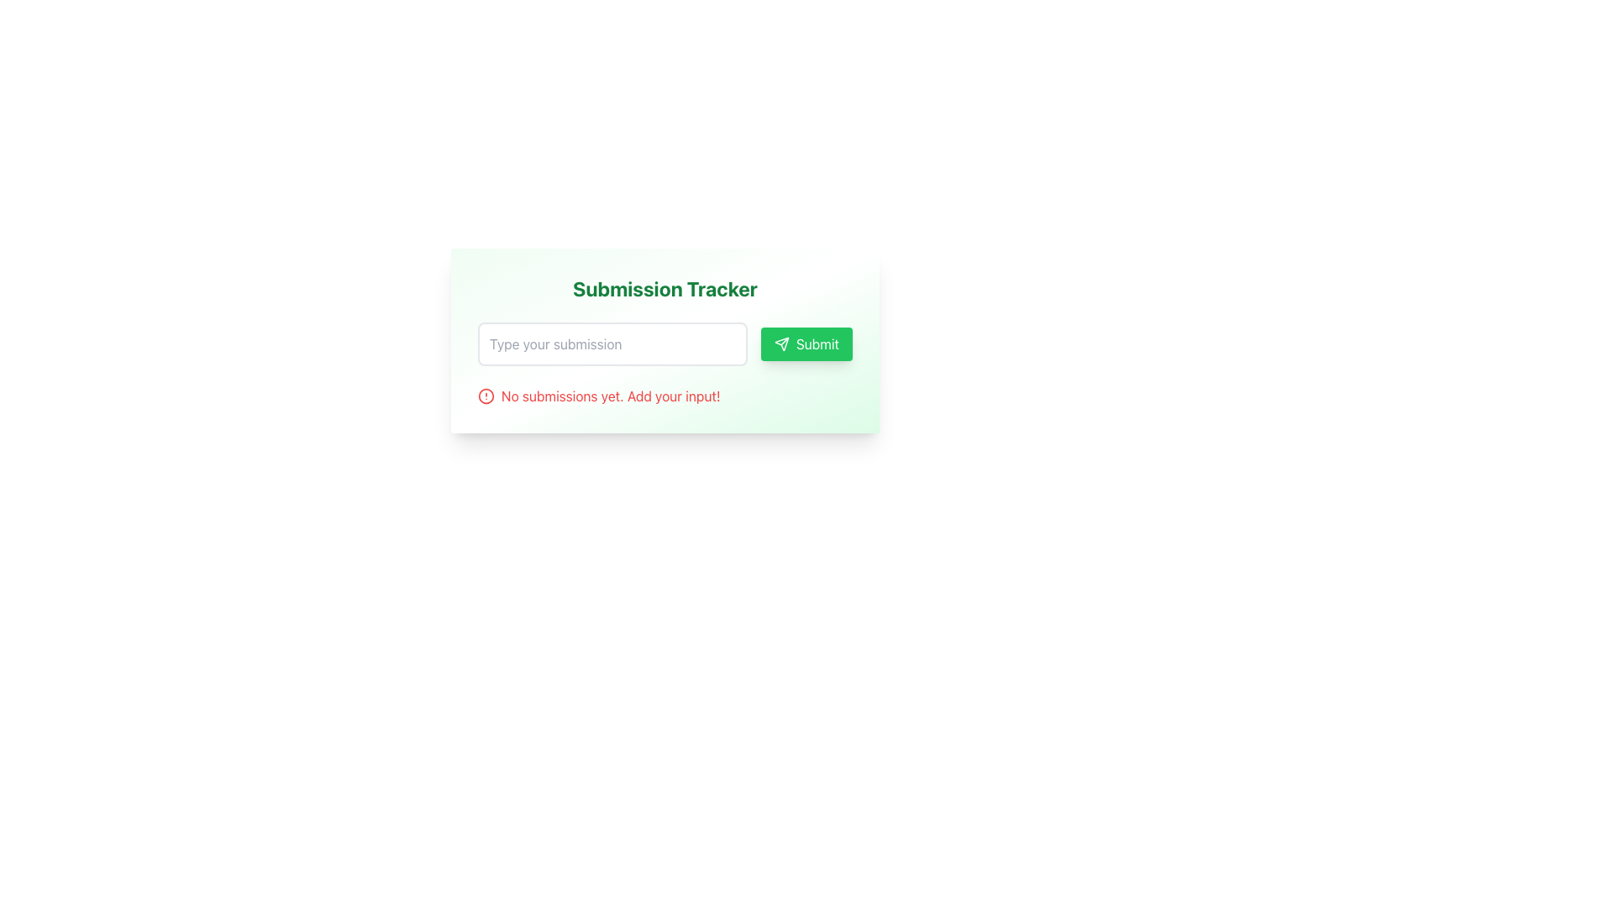 This screenshot has height=907, width=1613. I want to click on informational message displayed at the bottom of the 'Submission Tracker' section, which indicates there are currently no submissions and encourages users to add their input, so click(665, 396).